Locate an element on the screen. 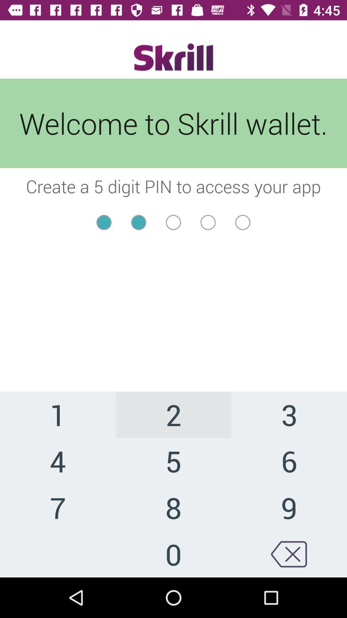  icon next to 9 icon is located at coordinates (173, 554).